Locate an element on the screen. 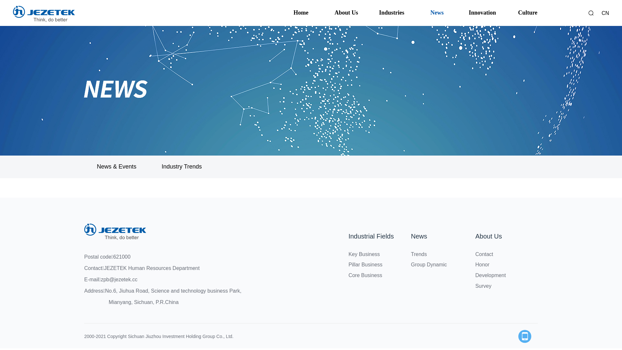  'Industries is located at coordinates (391, 13).